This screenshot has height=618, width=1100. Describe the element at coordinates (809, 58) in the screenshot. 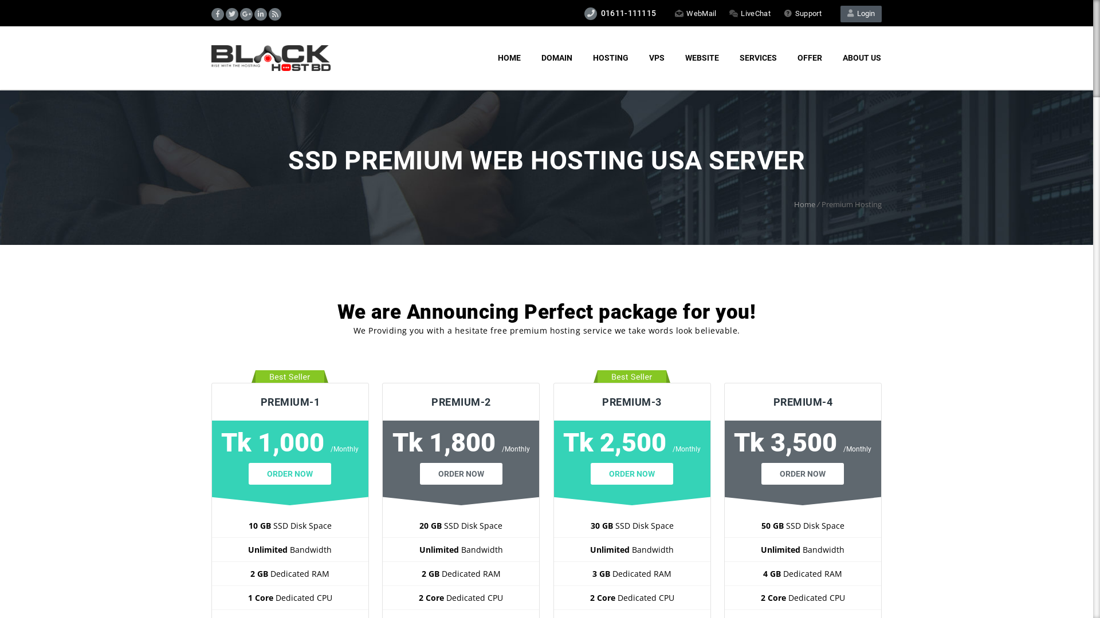

I see `'OFFER'` at that location.